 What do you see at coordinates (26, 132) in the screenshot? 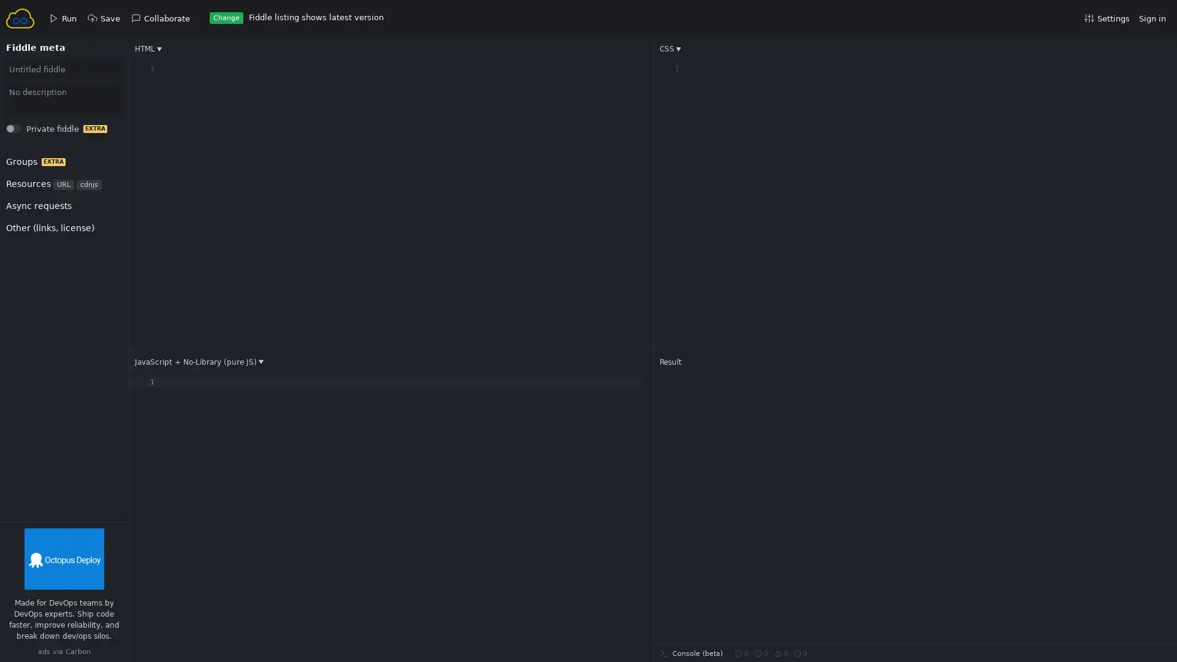
I see `Save` at bounding box center [26, 132].